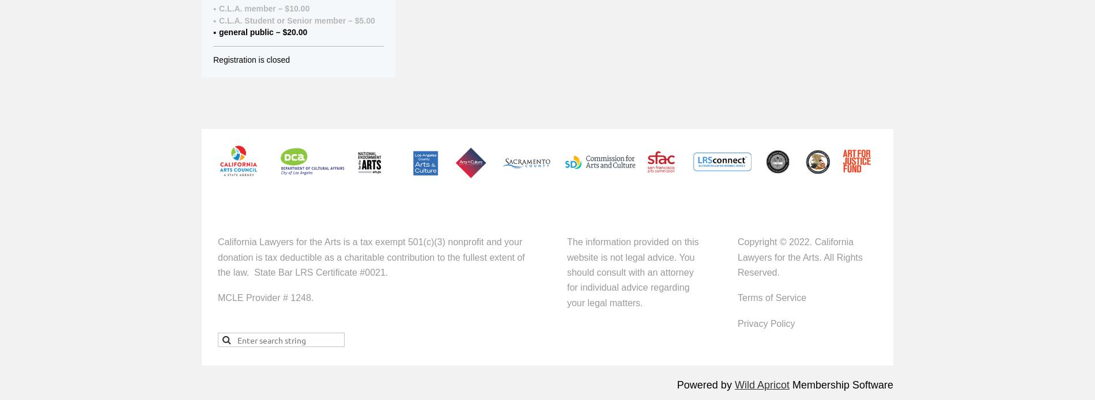 The width and height of the screenshot is (1095, 400). I want to click on 'State Bar LRS Certificate #0021.', so click(321, 272).